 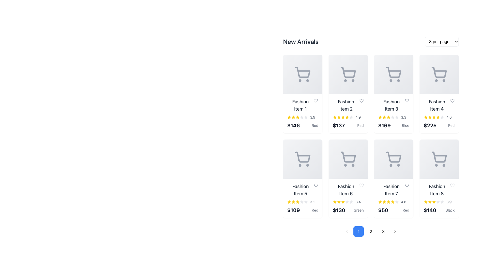 What do you see at coordinates (391, 105) in the screenshot?
I see `text of the label displaying 'Fashion Item 3', which is styled in a prominent black bold font and located in the third item of the first row of fashion products` at bounding box center [391, 105].